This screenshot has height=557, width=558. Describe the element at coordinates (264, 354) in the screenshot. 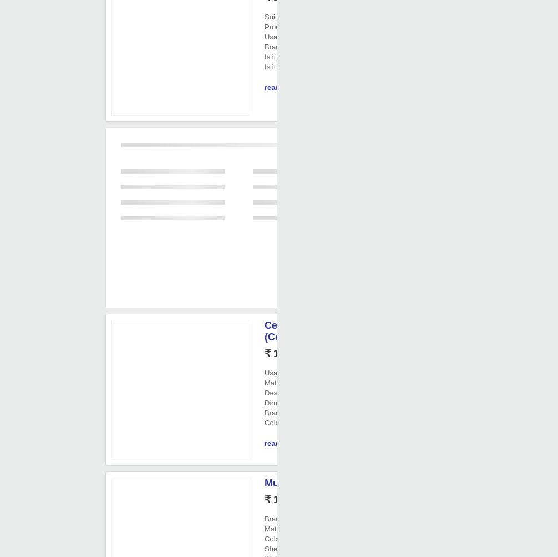

I see `'₹ 160/'` at that location.